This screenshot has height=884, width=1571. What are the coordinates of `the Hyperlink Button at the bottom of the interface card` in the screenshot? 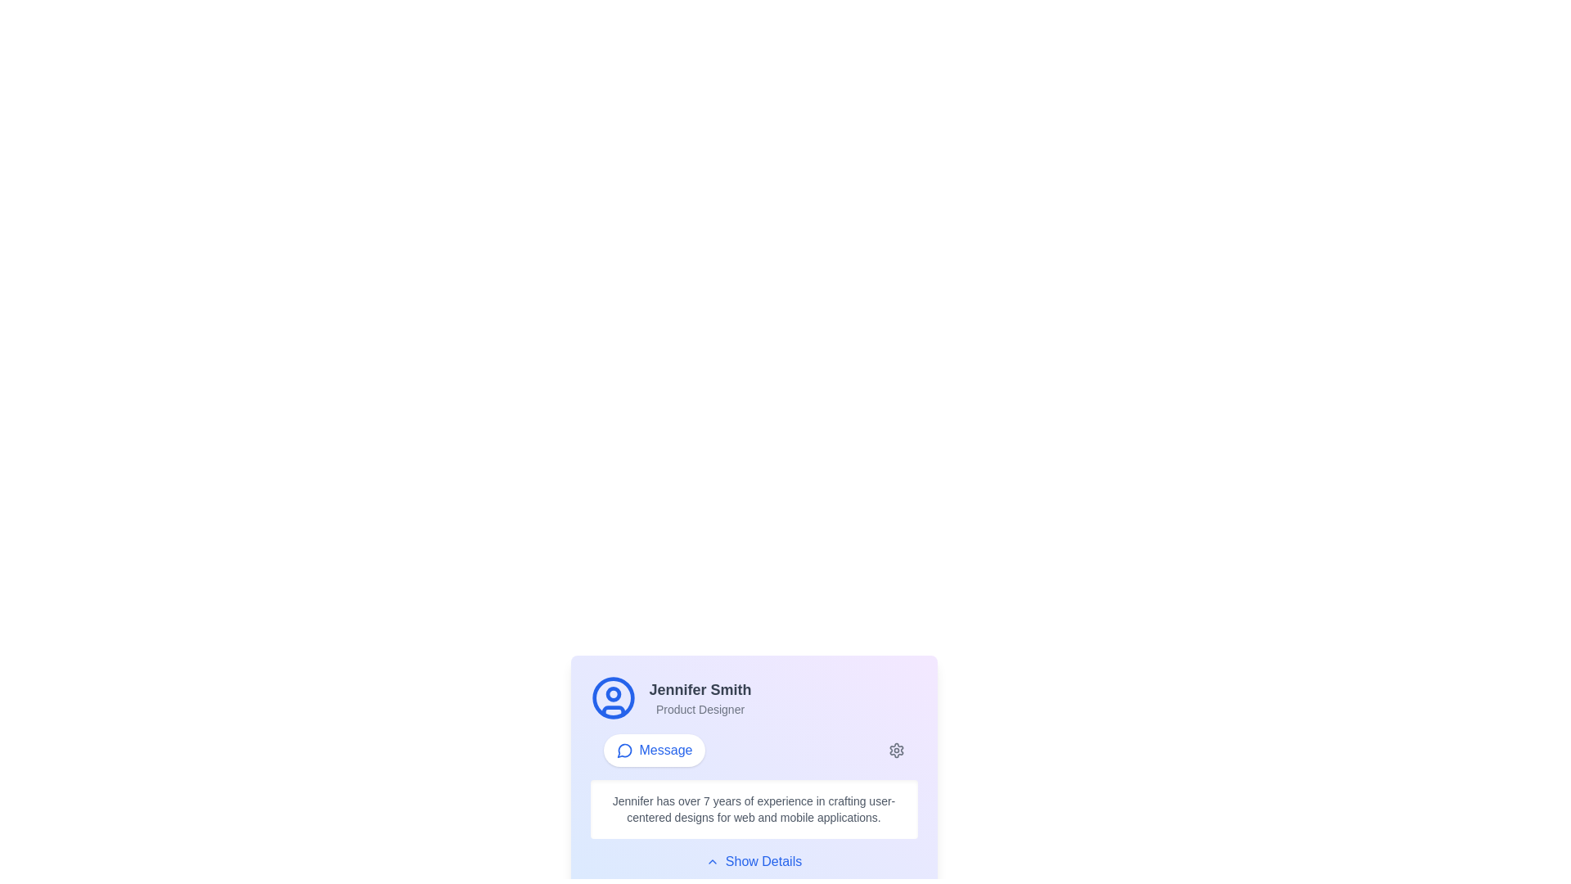 It's located at (753, 861).